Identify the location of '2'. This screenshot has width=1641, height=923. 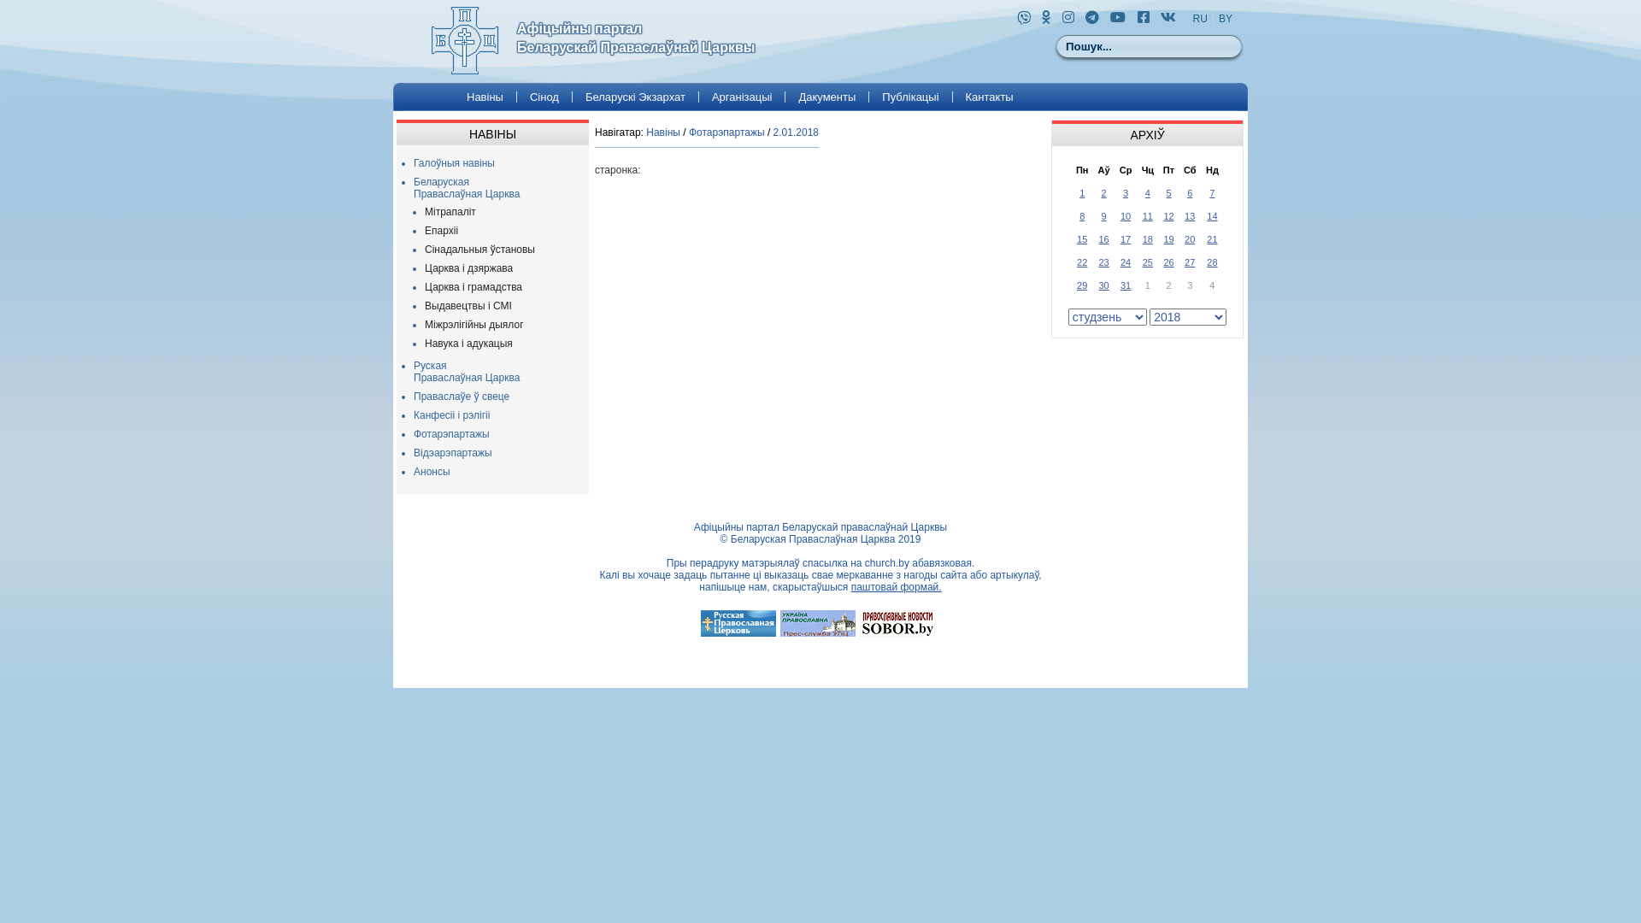
(1103, 192).